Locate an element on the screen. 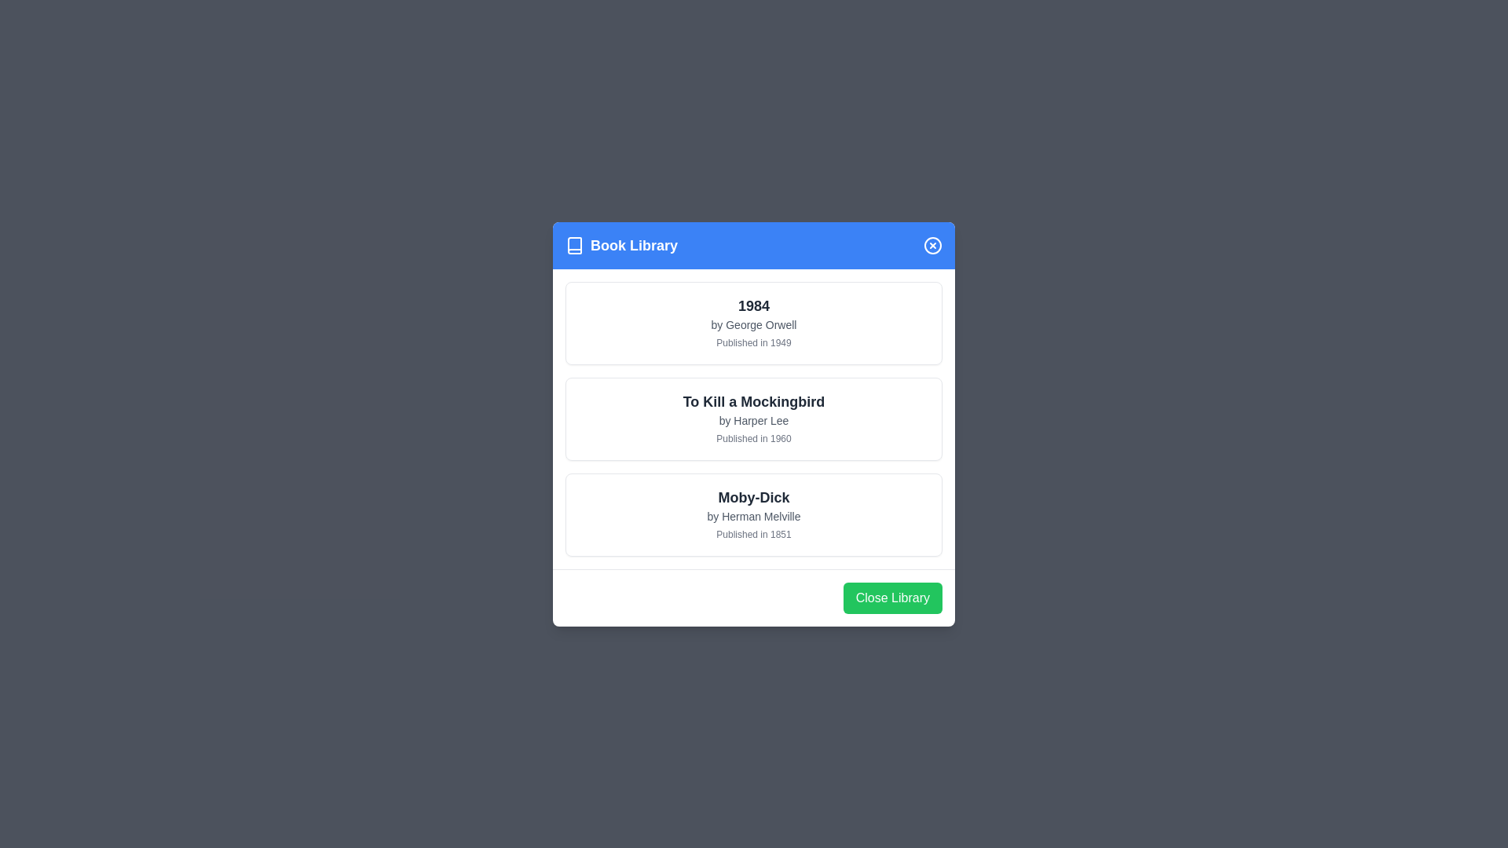 The image size is (1508, 848). the book card 1984 to observe the shadow effect is located at coordinates (754, 322).